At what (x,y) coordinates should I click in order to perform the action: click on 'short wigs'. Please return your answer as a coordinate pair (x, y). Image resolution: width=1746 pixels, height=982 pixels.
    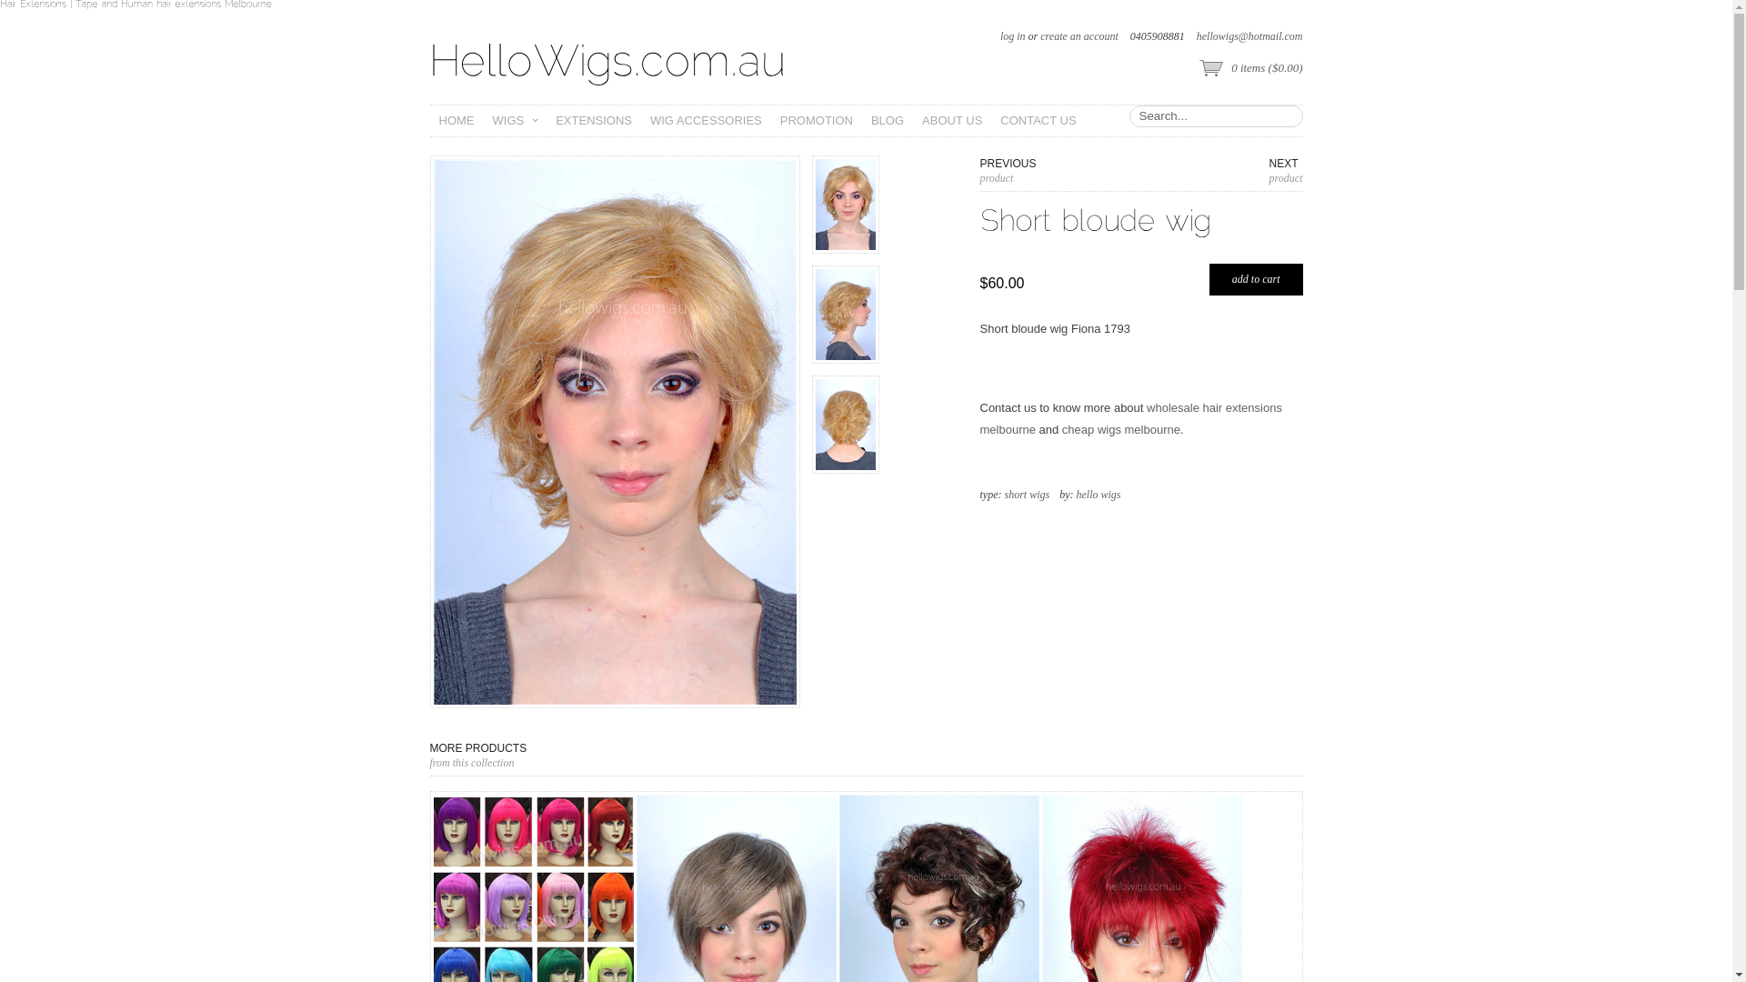
    Looking at the image, I should click on (1026, 494).